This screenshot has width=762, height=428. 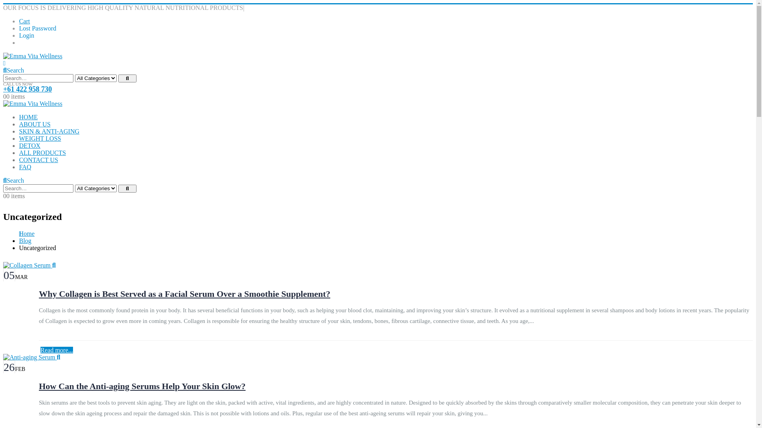 What do you see at coordinates (19, 240) in the screenshot?
I see `'Blog'` at bounding box center [19, 240].